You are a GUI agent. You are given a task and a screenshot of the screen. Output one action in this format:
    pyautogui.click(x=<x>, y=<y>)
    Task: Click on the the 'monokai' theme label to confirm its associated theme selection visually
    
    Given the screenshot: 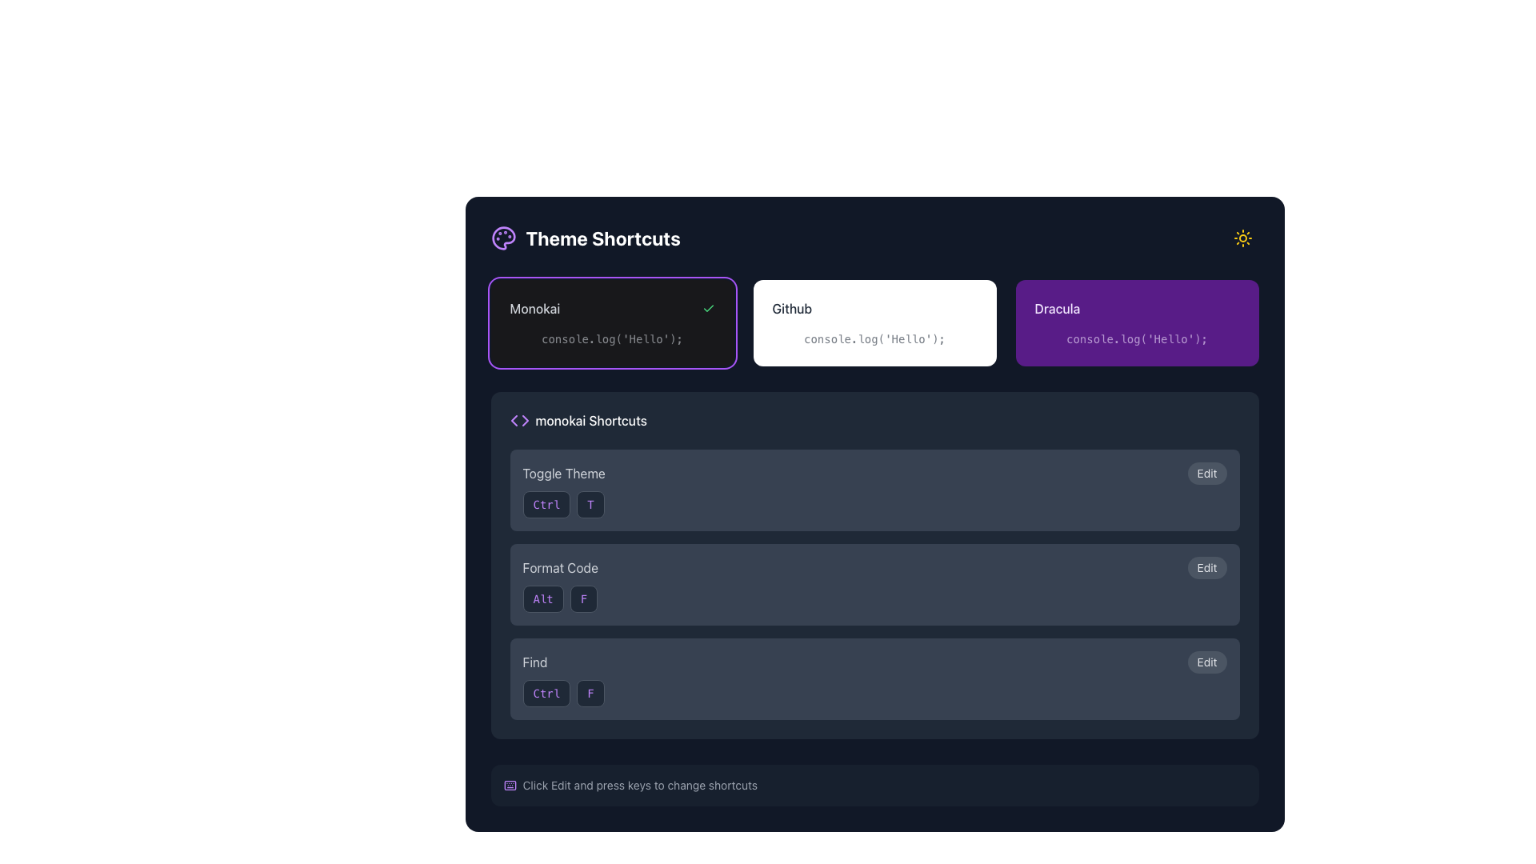 What is the action you would take?
    pyautogui.click(x=534, y=308)
    